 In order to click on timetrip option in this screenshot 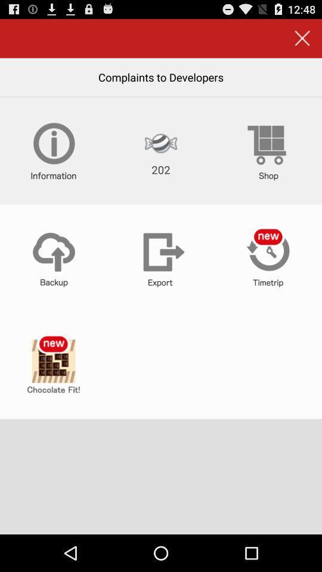, I will do `click(268, 258)`.